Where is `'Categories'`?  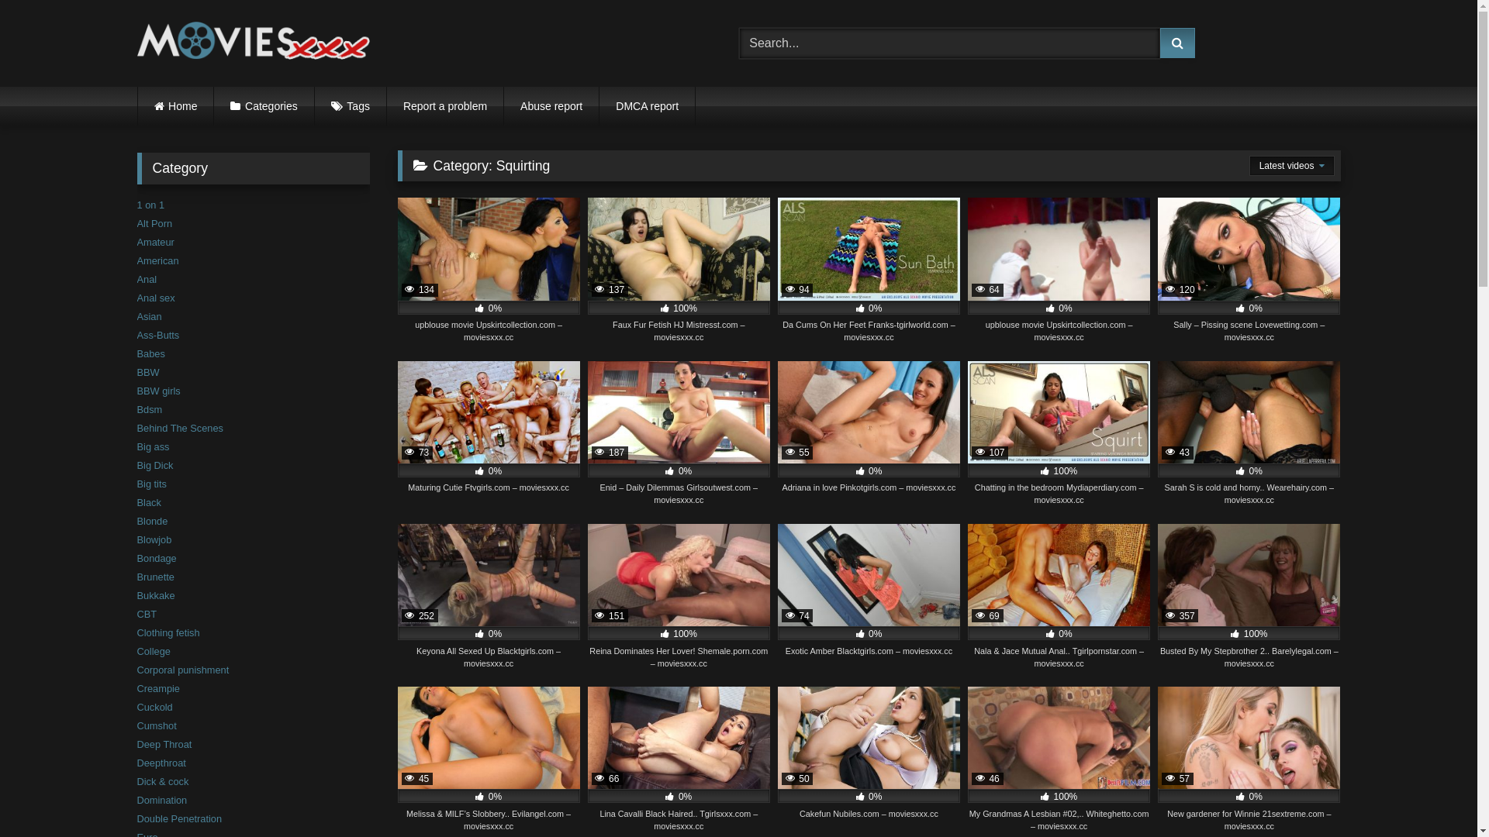 'Categories' is located at coordinates (264, 105).